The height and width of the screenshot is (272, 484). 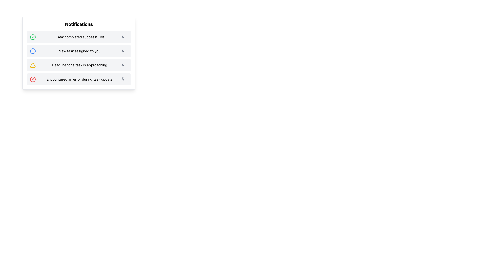 What do you see at coordinates (125, 51) in the screenshot?
I see `the dismiss button located at the far right side of the notification strip that reads 'New task assigned to you' to observe a style change` at bounding box center [125, 51].